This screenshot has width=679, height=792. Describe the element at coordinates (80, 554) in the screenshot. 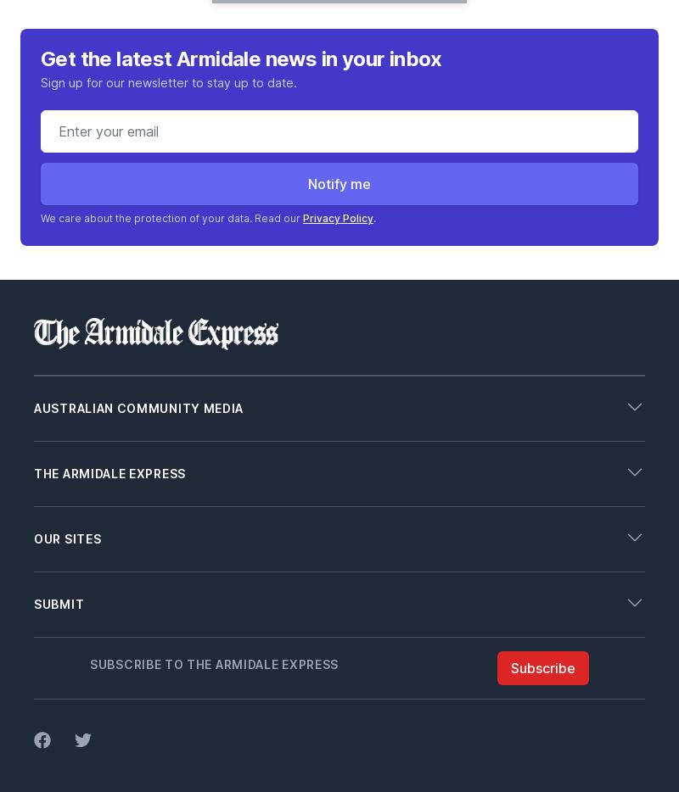

I see `'Working With Us'` at that location.